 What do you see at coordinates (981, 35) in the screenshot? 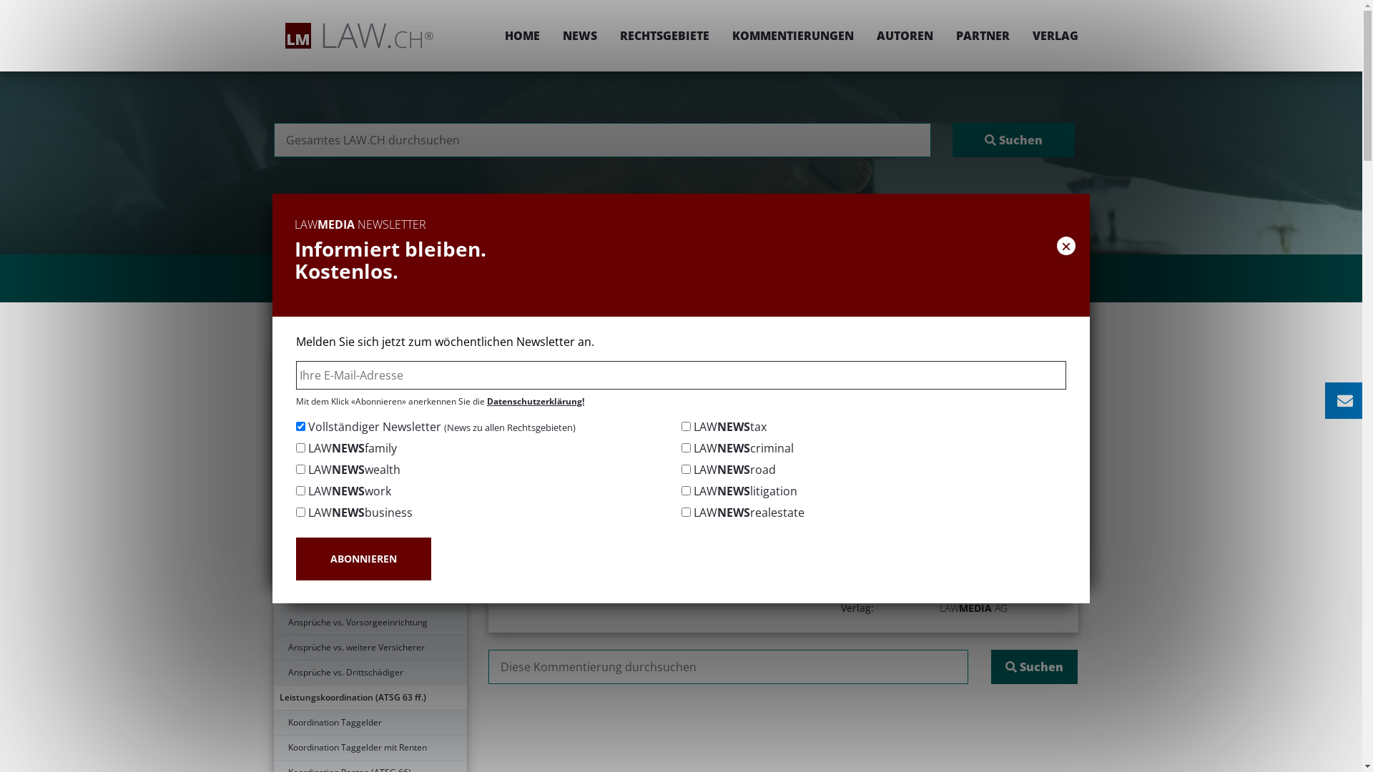
I see `'PARTNER'` at bounding box center [981, 35].